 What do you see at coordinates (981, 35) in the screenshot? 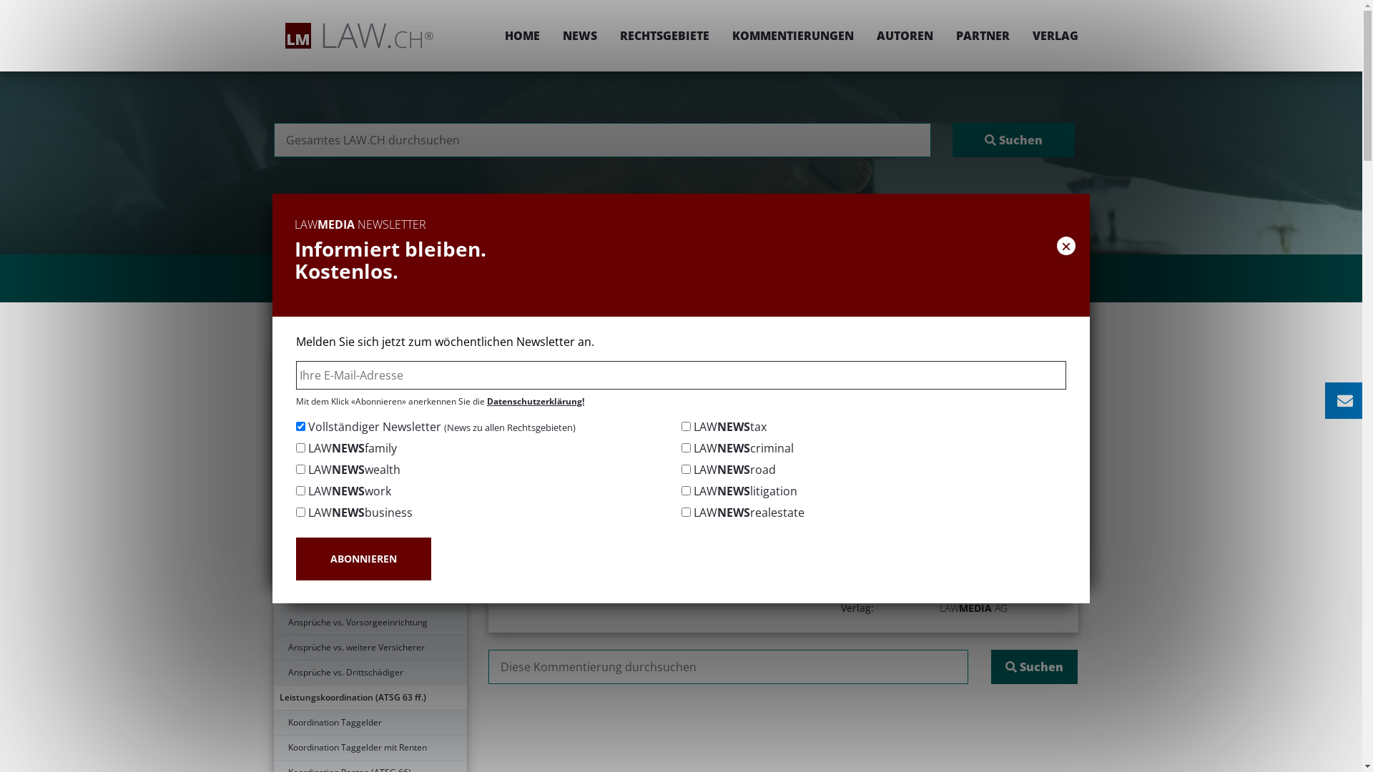
I see `'PARTNER'` at bounding box center [981, 35].